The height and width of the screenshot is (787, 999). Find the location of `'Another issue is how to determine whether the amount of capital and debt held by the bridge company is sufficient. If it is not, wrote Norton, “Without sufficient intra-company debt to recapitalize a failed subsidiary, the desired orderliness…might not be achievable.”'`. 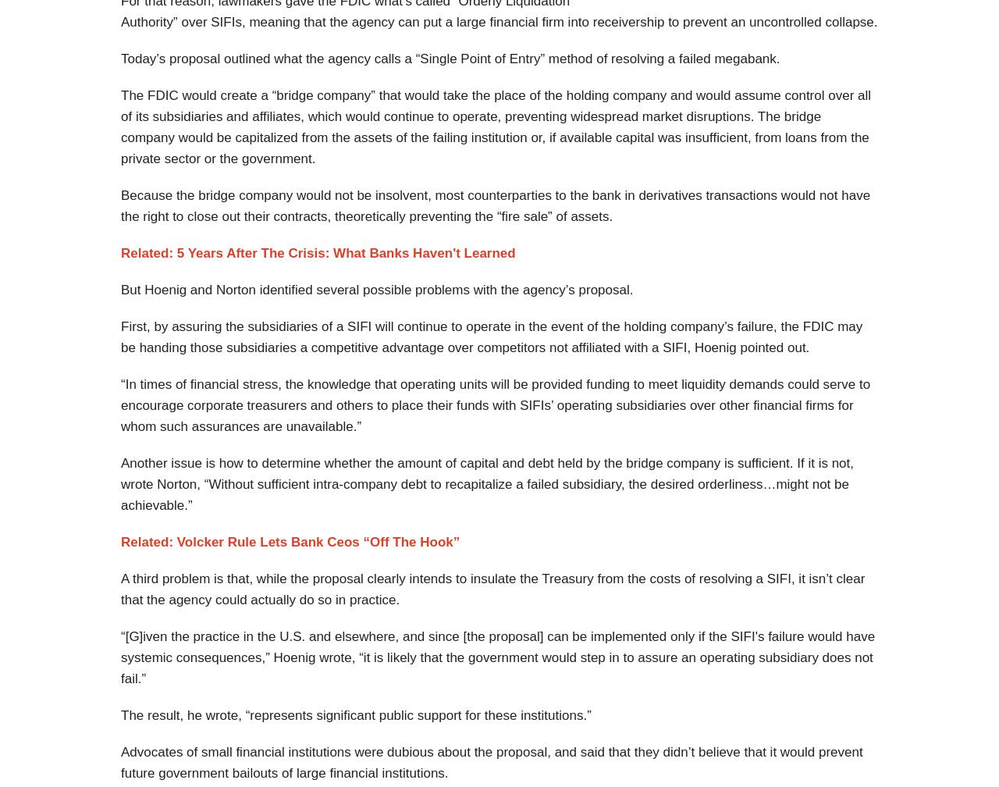

'Another issue is how to determine whether the amount of capital and debt held by the bridge company is sufficient. If it is not, wrote Norton, “Without sufficient intra-company debt to recapitalize a failed subsidiary, the desired orderliness…might not be achievable.”' is located at coordinates (486, 484).